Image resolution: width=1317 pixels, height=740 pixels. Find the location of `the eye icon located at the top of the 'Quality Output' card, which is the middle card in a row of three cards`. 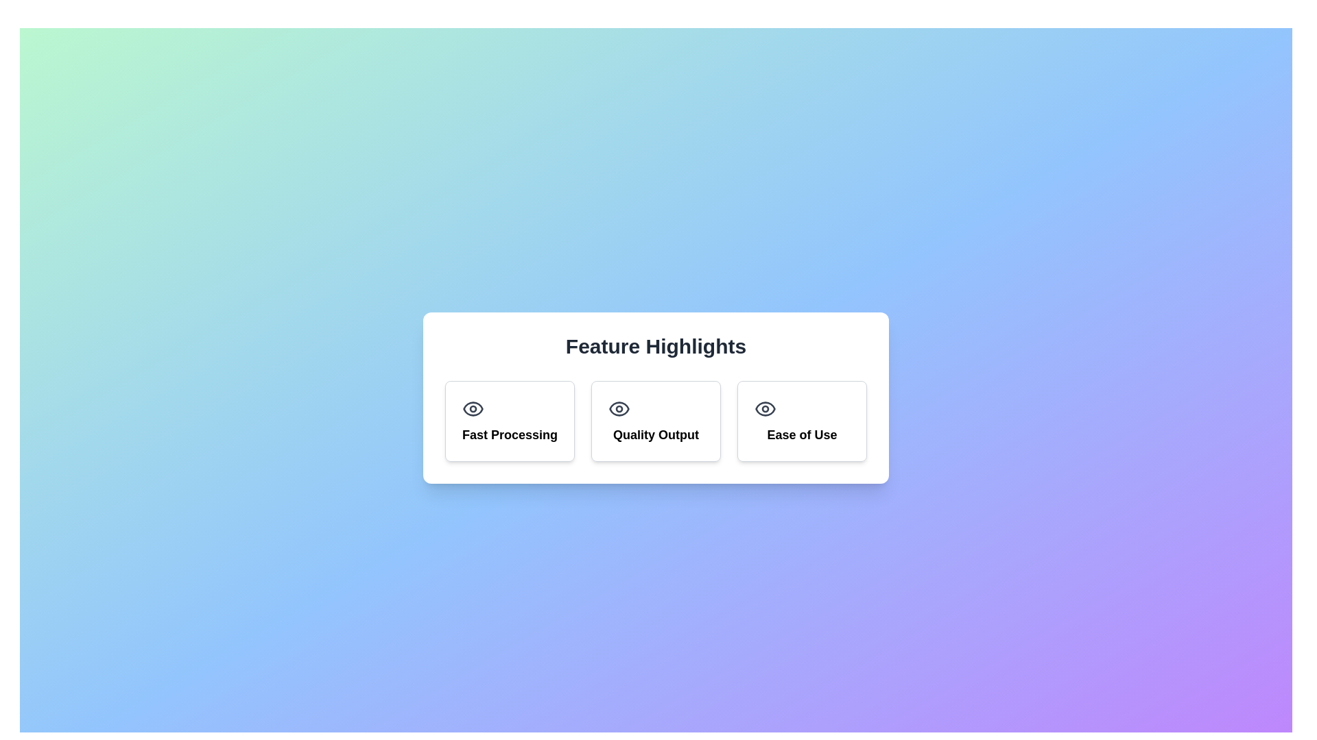

the eye icon located at the top of the 'Quality Output' card, which is the middle card in a row of three cards is located at coordinates (618, 408).